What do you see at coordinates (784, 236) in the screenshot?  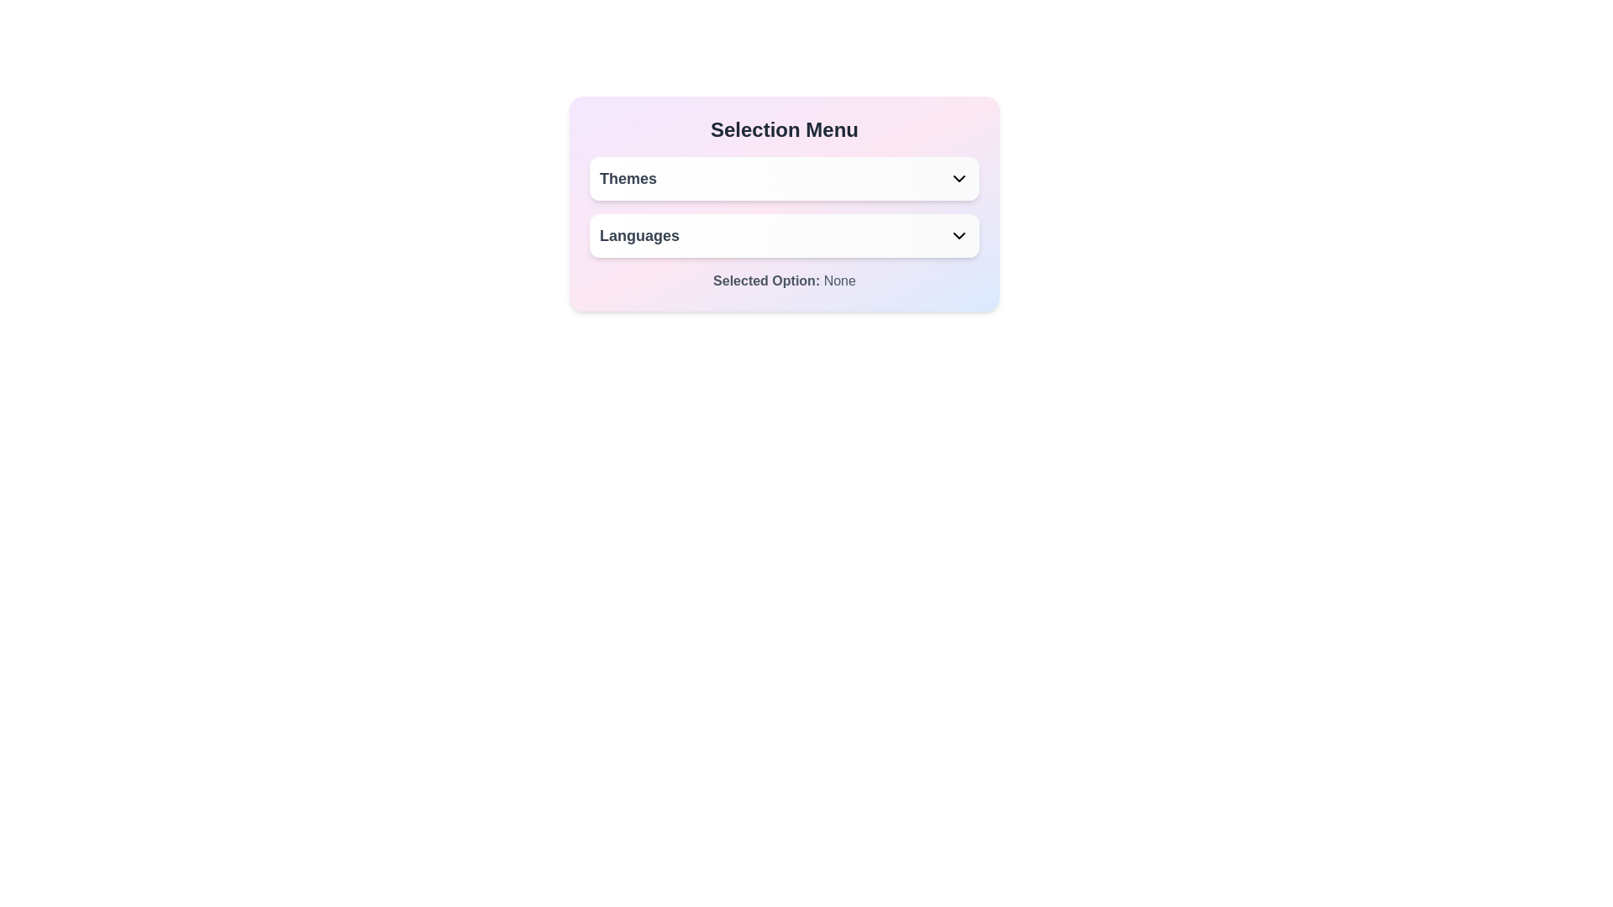 I see `the Dropdown trigger located in the 'Selection Menu' panel` at bounding box center [784, 236].